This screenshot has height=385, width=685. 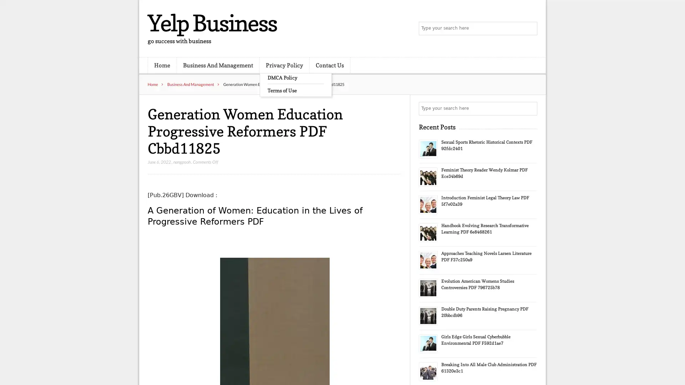 What do you see at coordinates (530, 108) in the screenshot?
I see `Search` at bounding box center [530, 108].